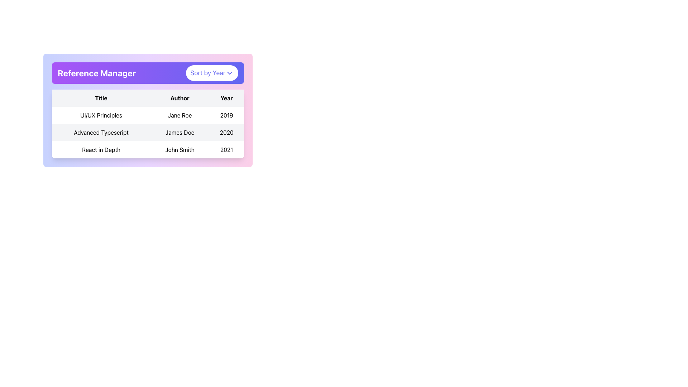 The height and width of the screenshot is (387, 688). What do you see at coordinates (230, 73) in the screenshot?
I see `the downward-pointing chevron icon located to the right of the 'Sort by Year' text label to trigger visual feedback` at bounding box center [230, 73].